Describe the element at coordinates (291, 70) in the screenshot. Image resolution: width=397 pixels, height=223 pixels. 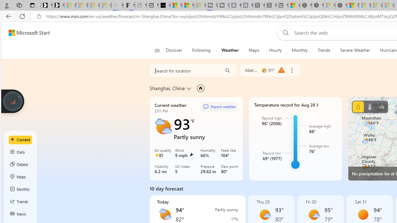
I see `'Remove location'` at that location.